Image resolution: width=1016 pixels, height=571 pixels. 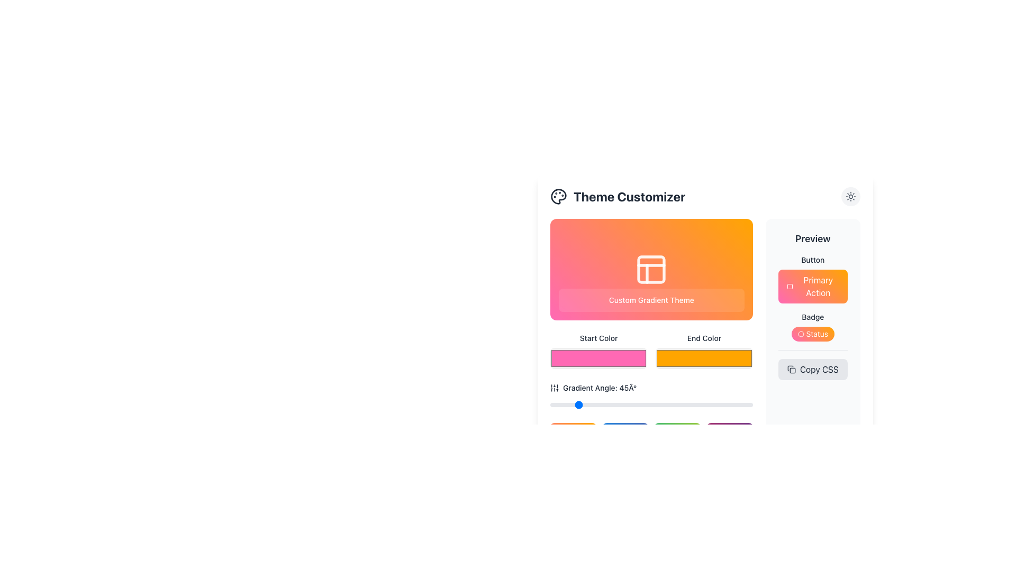 I want to click on the gradient angle, so click(x=673, y=404).